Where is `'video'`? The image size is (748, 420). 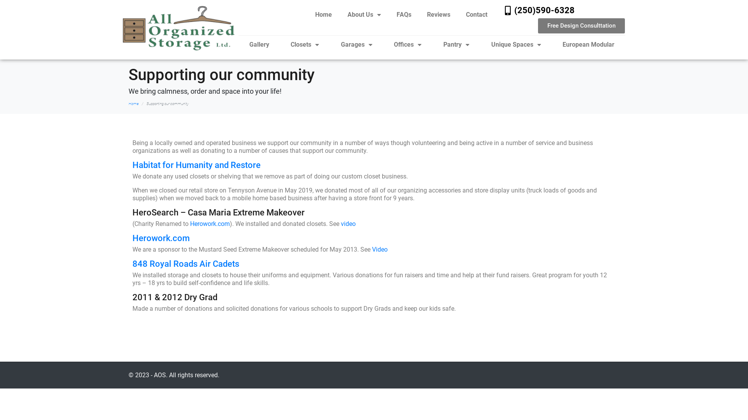
'video' is located at coordinates (340, 224).